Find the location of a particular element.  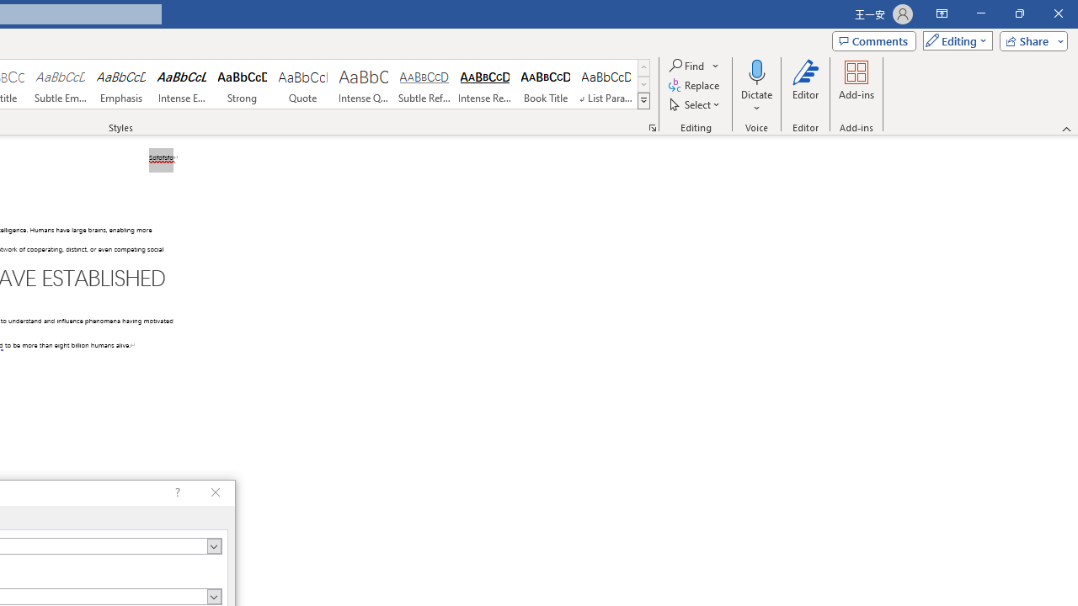

'Comments' is located at coordinates (874, 40).